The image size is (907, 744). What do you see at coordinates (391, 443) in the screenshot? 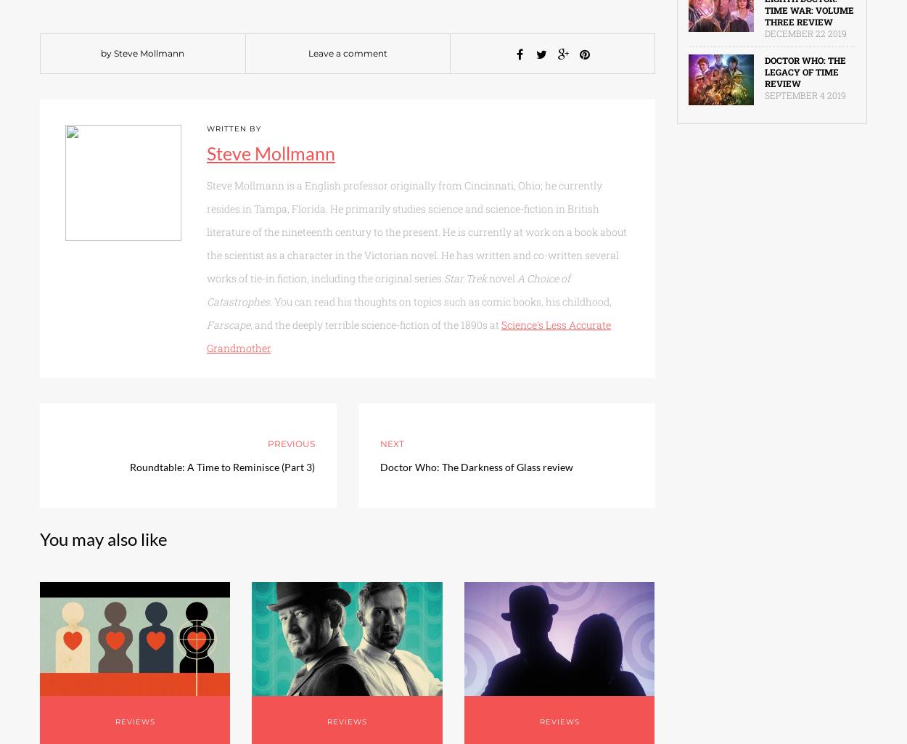
I see `'Next'` at bounding box center [391, 443].